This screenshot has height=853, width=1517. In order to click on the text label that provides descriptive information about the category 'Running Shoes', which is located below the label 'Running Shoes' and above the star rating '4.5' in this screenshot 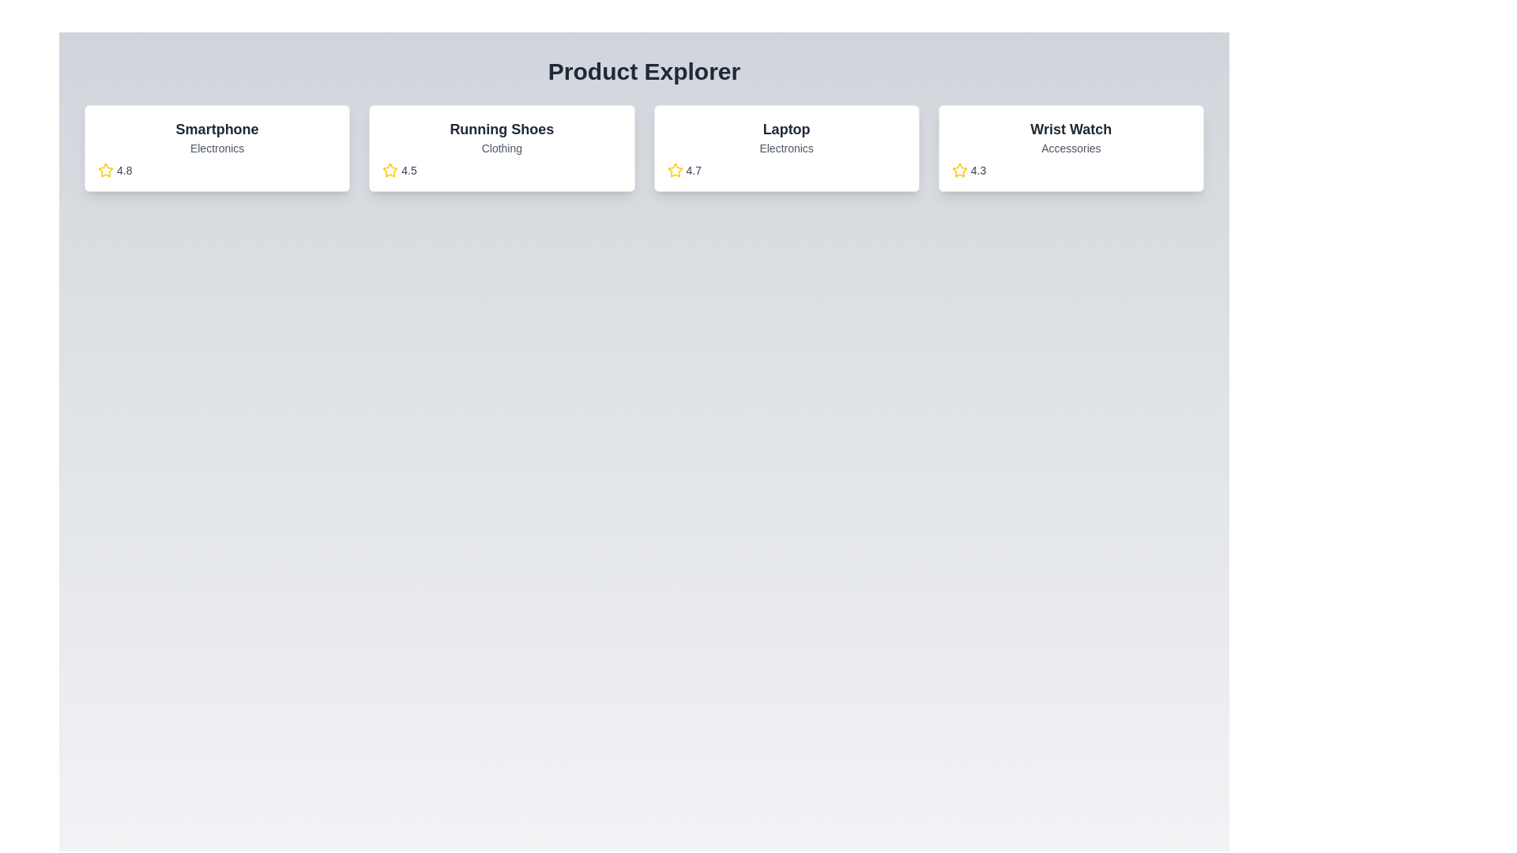, I will do `click(501, 148)`.